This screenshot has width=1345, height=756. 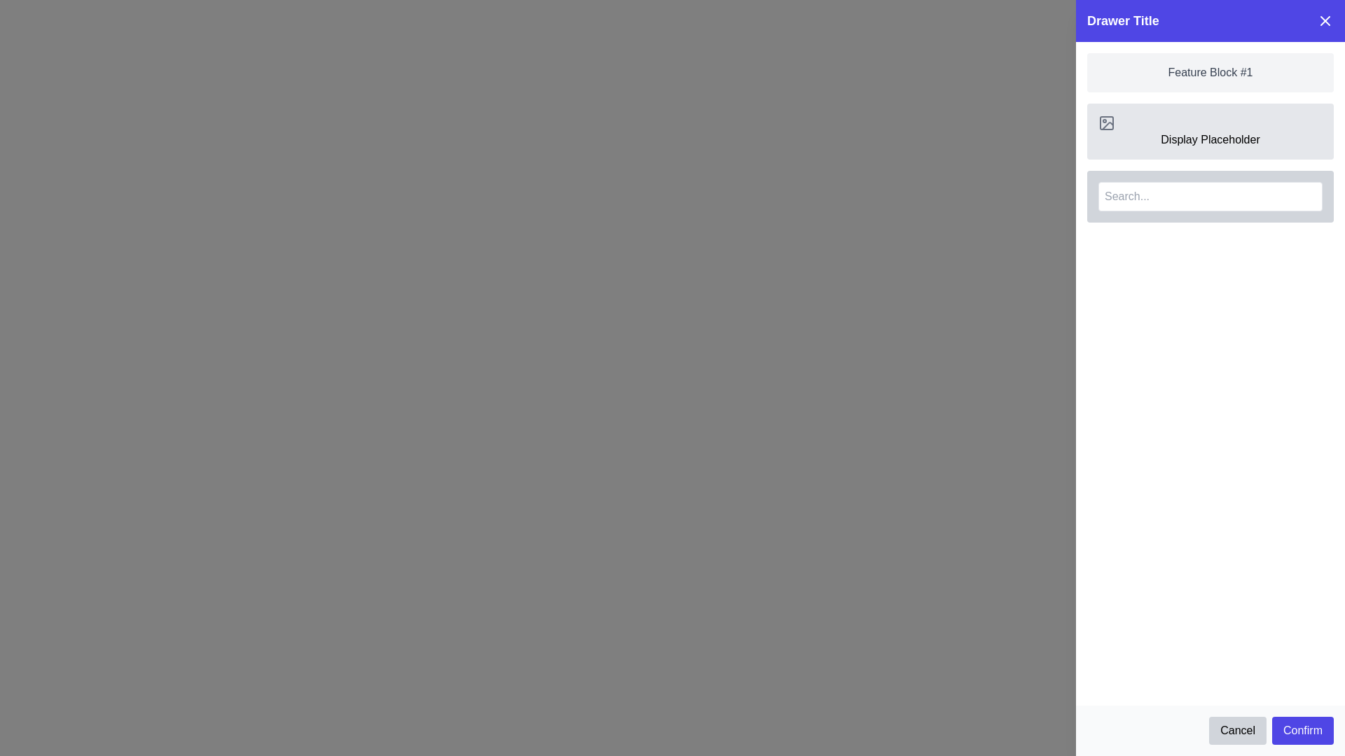 I want to click on the close button located in the top-right corner of the header, so click(x=1324, y=21).